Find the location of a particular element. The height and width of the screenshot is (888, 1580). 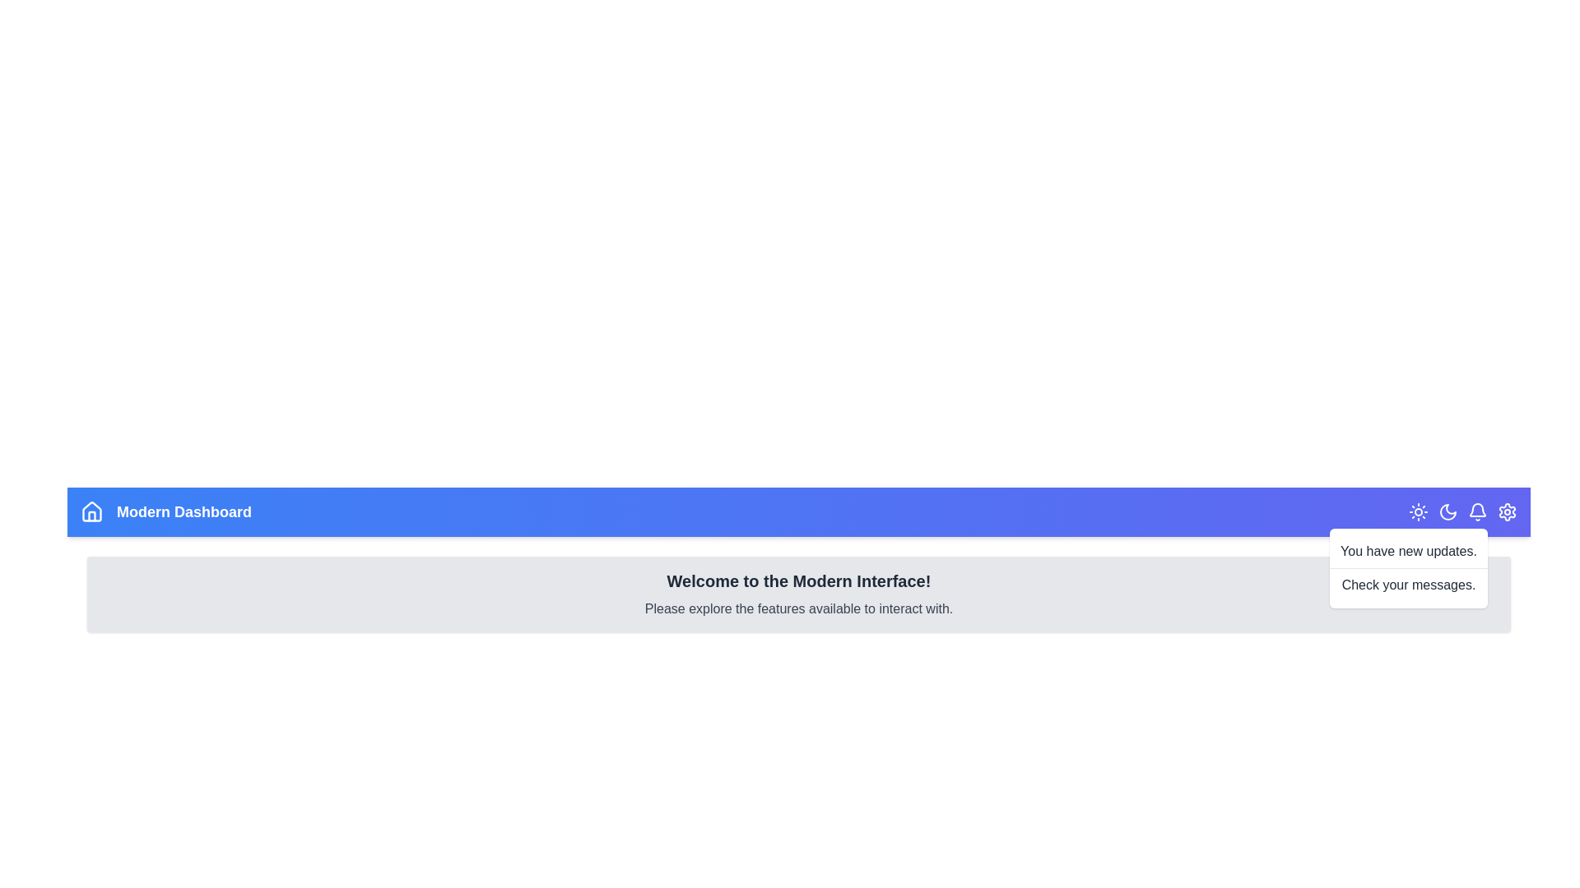

the bell icon to toggle the notifications is located at coordinates (1477, 511).